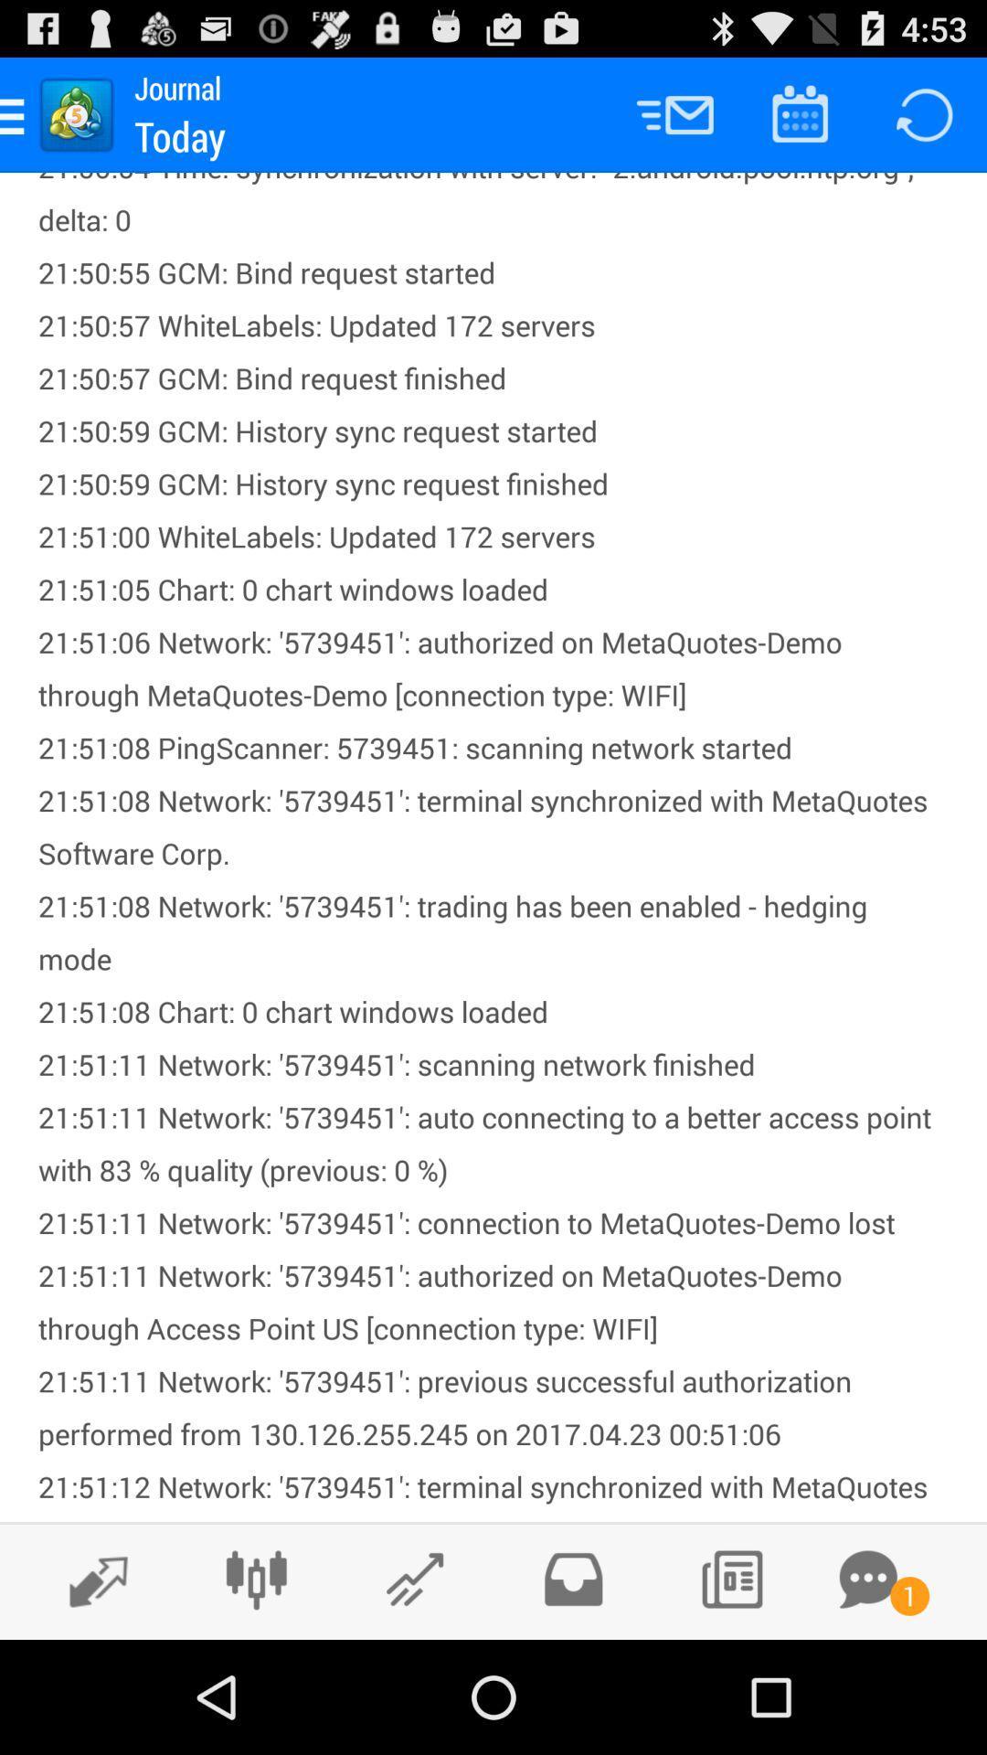 The height and width of the screenshot is (1755, 987). I want to click on open chat, so click(867, 1579).